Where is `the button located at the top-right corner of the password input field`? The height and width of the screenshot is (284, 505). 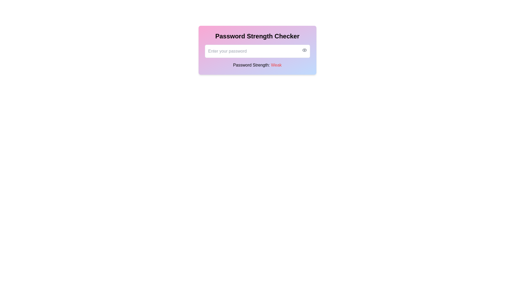
the button located at the top-right corner of the password input field is located at coordinates (304, 50).